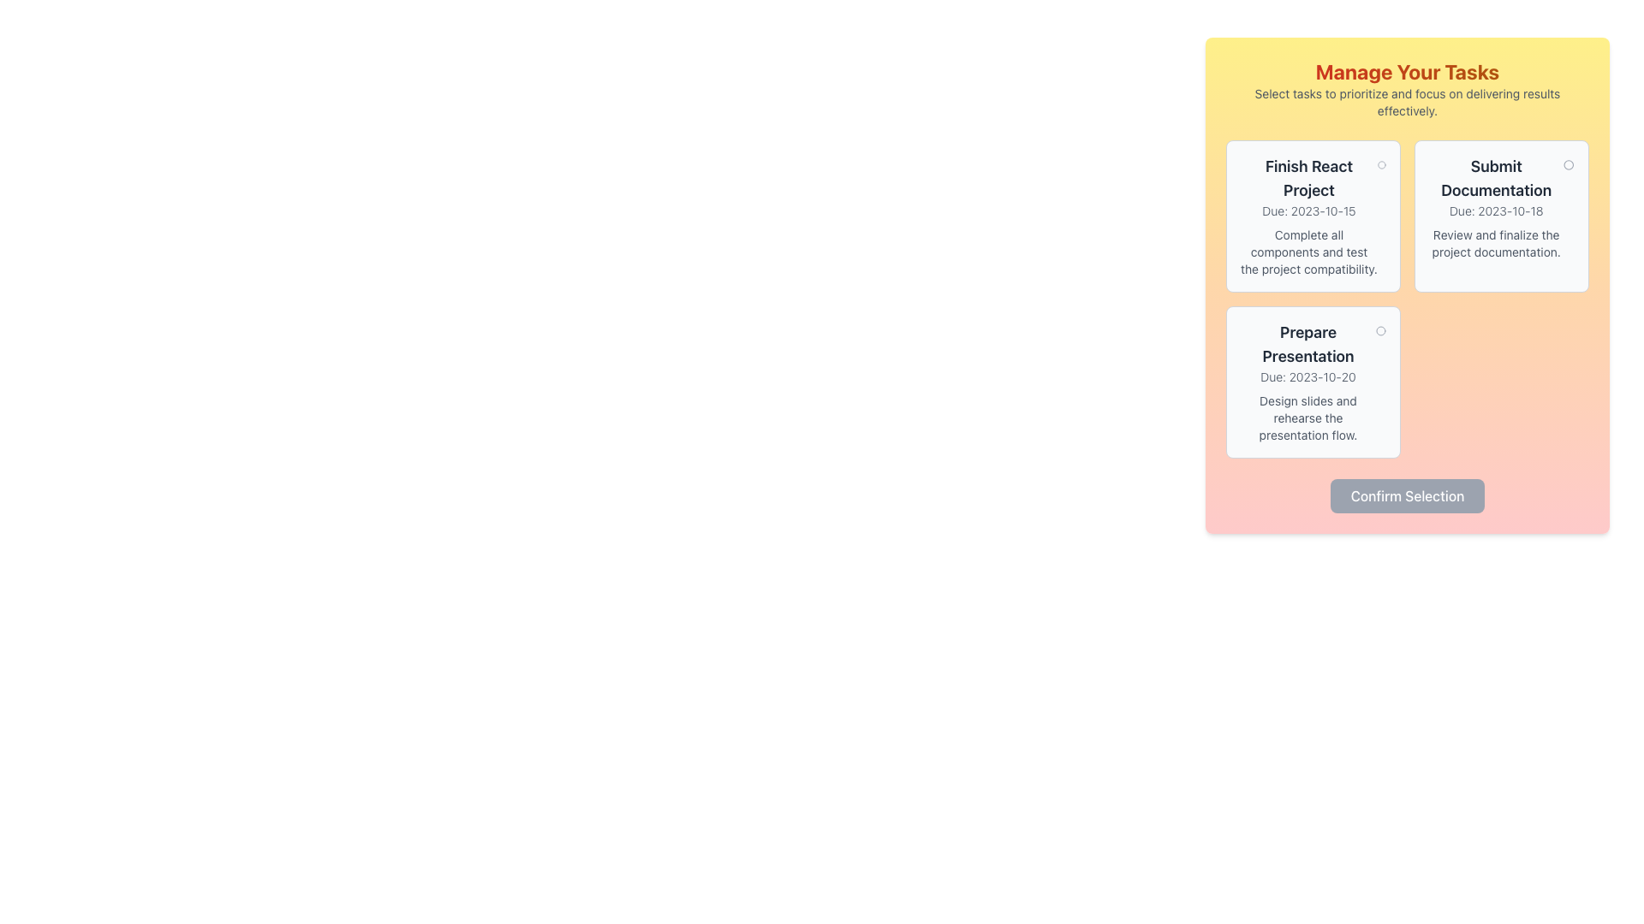 The width and height of the screenshot is (1644, 924). I want to click on text label displaying the due date '2023-10-18' for the task 'Submit Documentation', which is centered within the card in the upper-right corner of the three-card grid, so click(1495, 210).